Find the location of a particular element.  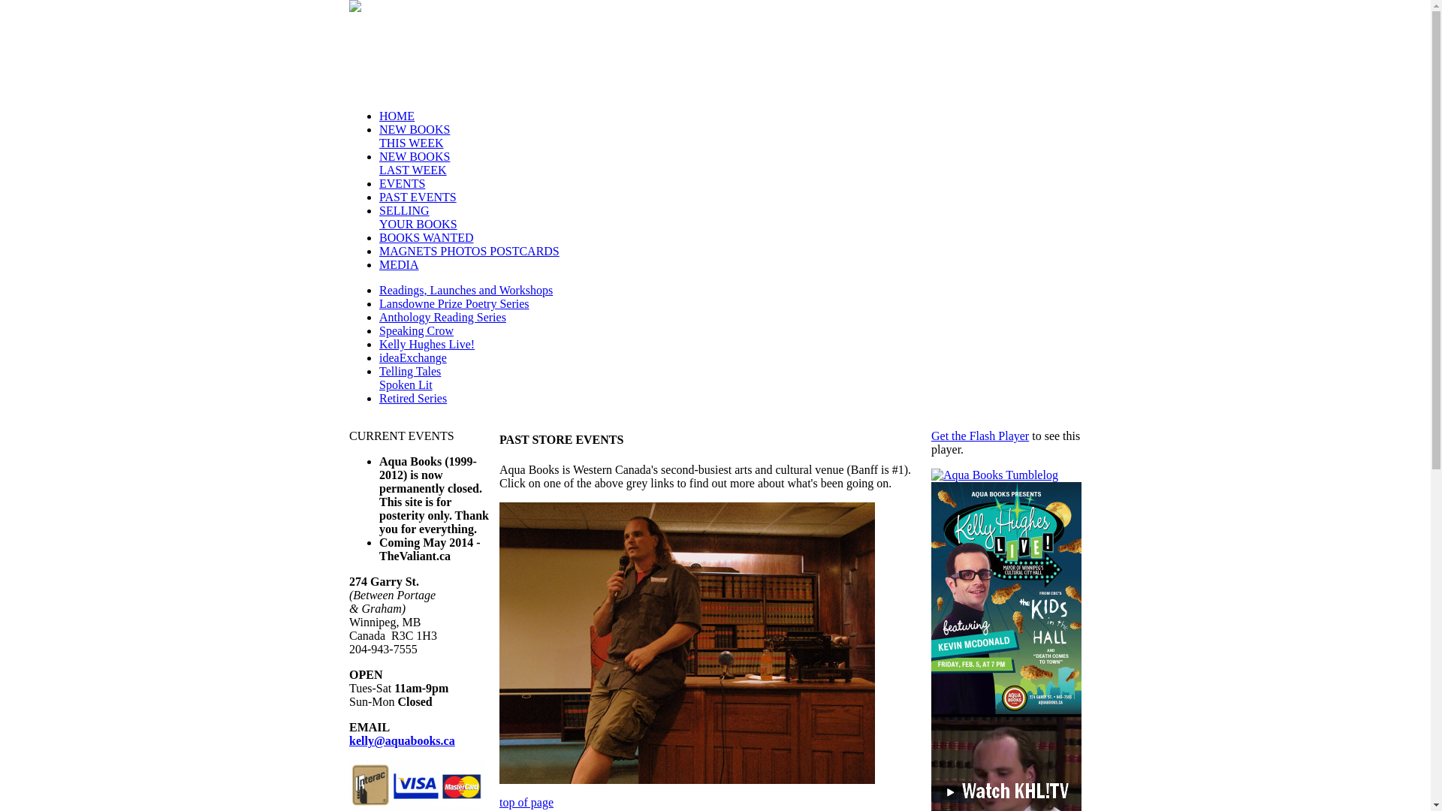

'Anthology Reading Series' is located at coordinates (379, 316).